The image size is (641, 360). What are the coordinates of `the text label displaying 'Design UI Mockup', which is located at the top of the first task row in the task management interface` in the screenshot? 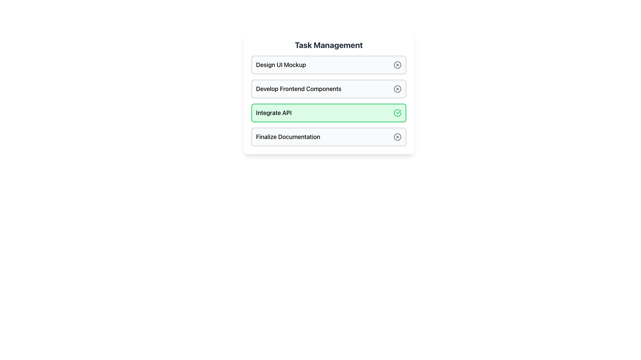 It's located at (281, 65).